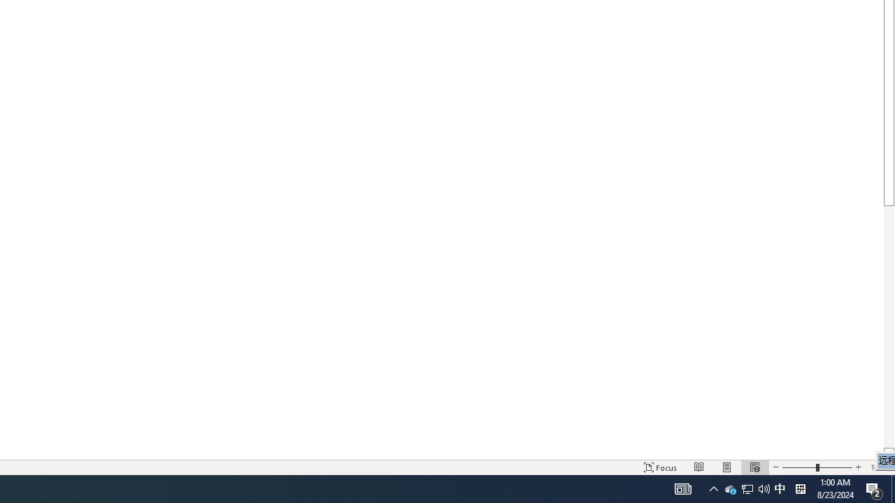 The image size is (895, 503). What do you see at coordinates (879, 467) in the screenshot?
I see `'Zoom 100%'` at bounding box center [879, 467].